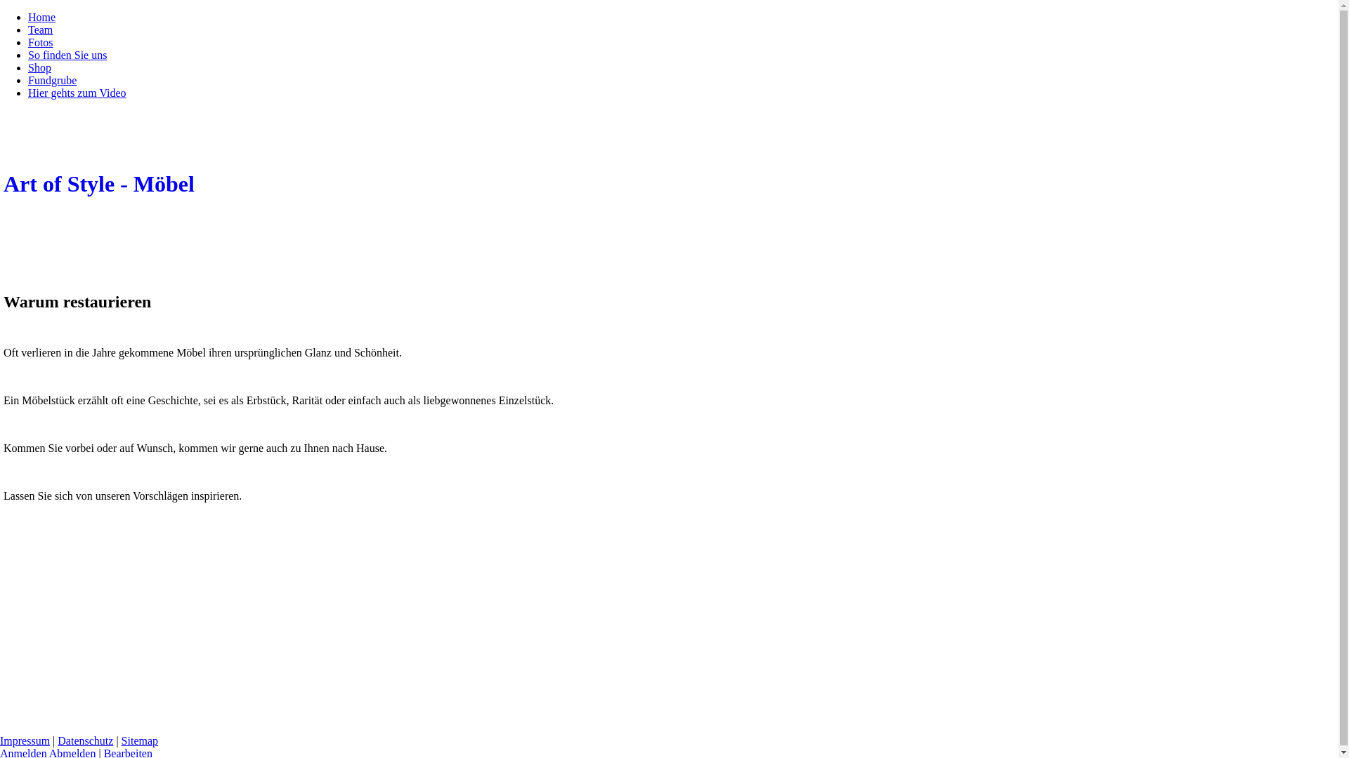 Image resolution: width=1349 pixels, height=758 pixels. I want to click on 'Home', so click(41, 17).